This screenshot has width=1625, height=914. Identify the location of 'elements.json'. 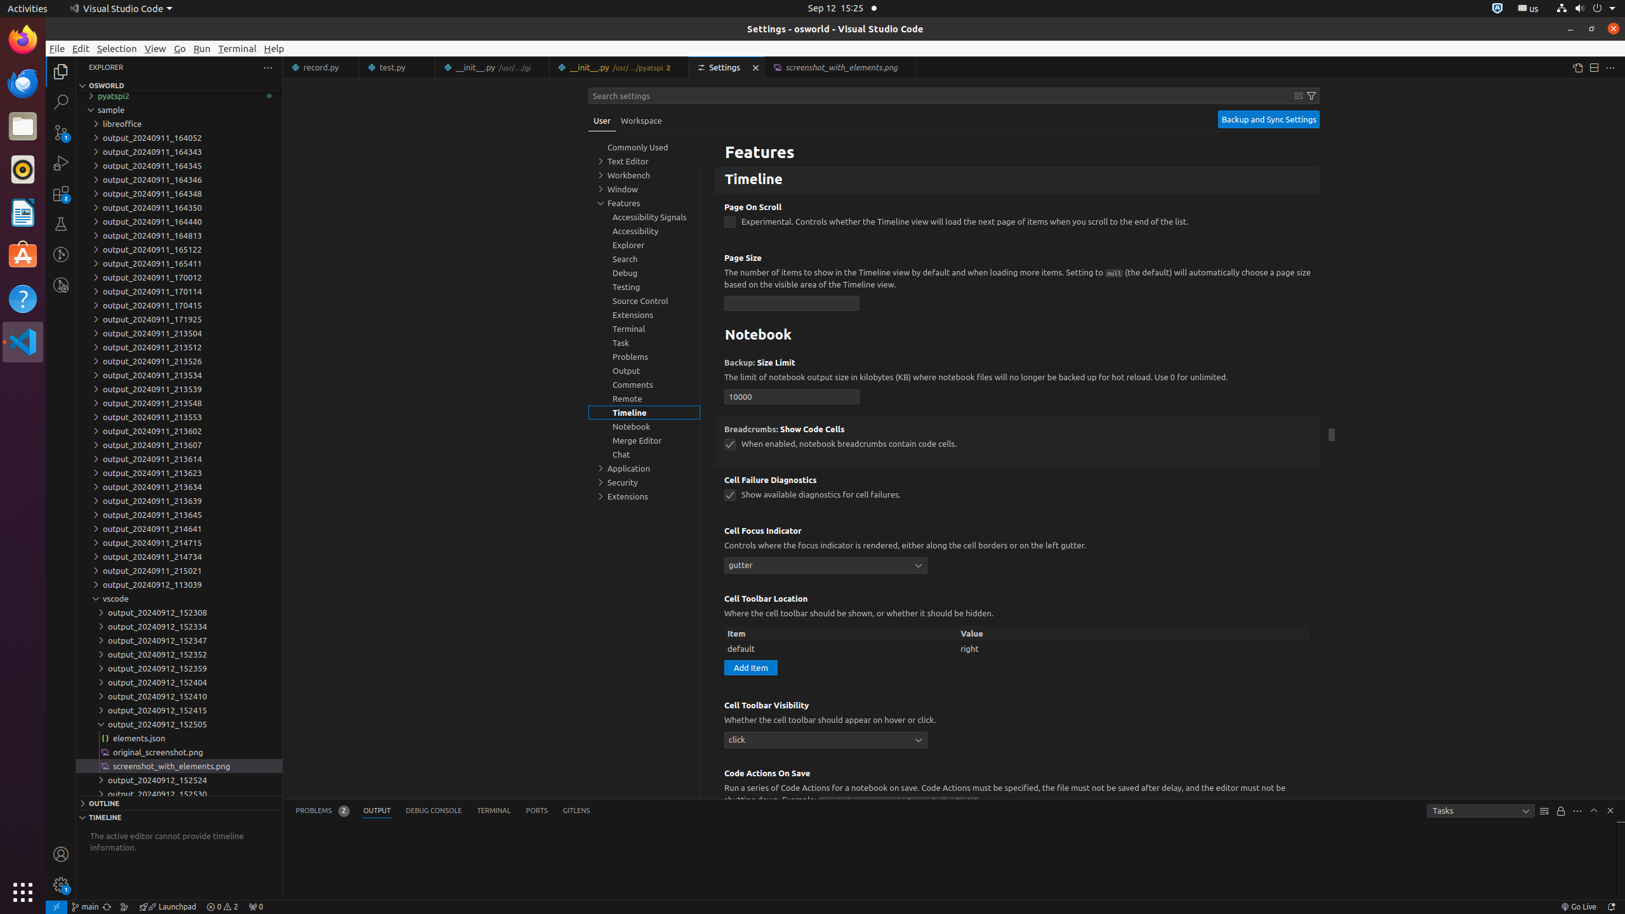
(178, 737).